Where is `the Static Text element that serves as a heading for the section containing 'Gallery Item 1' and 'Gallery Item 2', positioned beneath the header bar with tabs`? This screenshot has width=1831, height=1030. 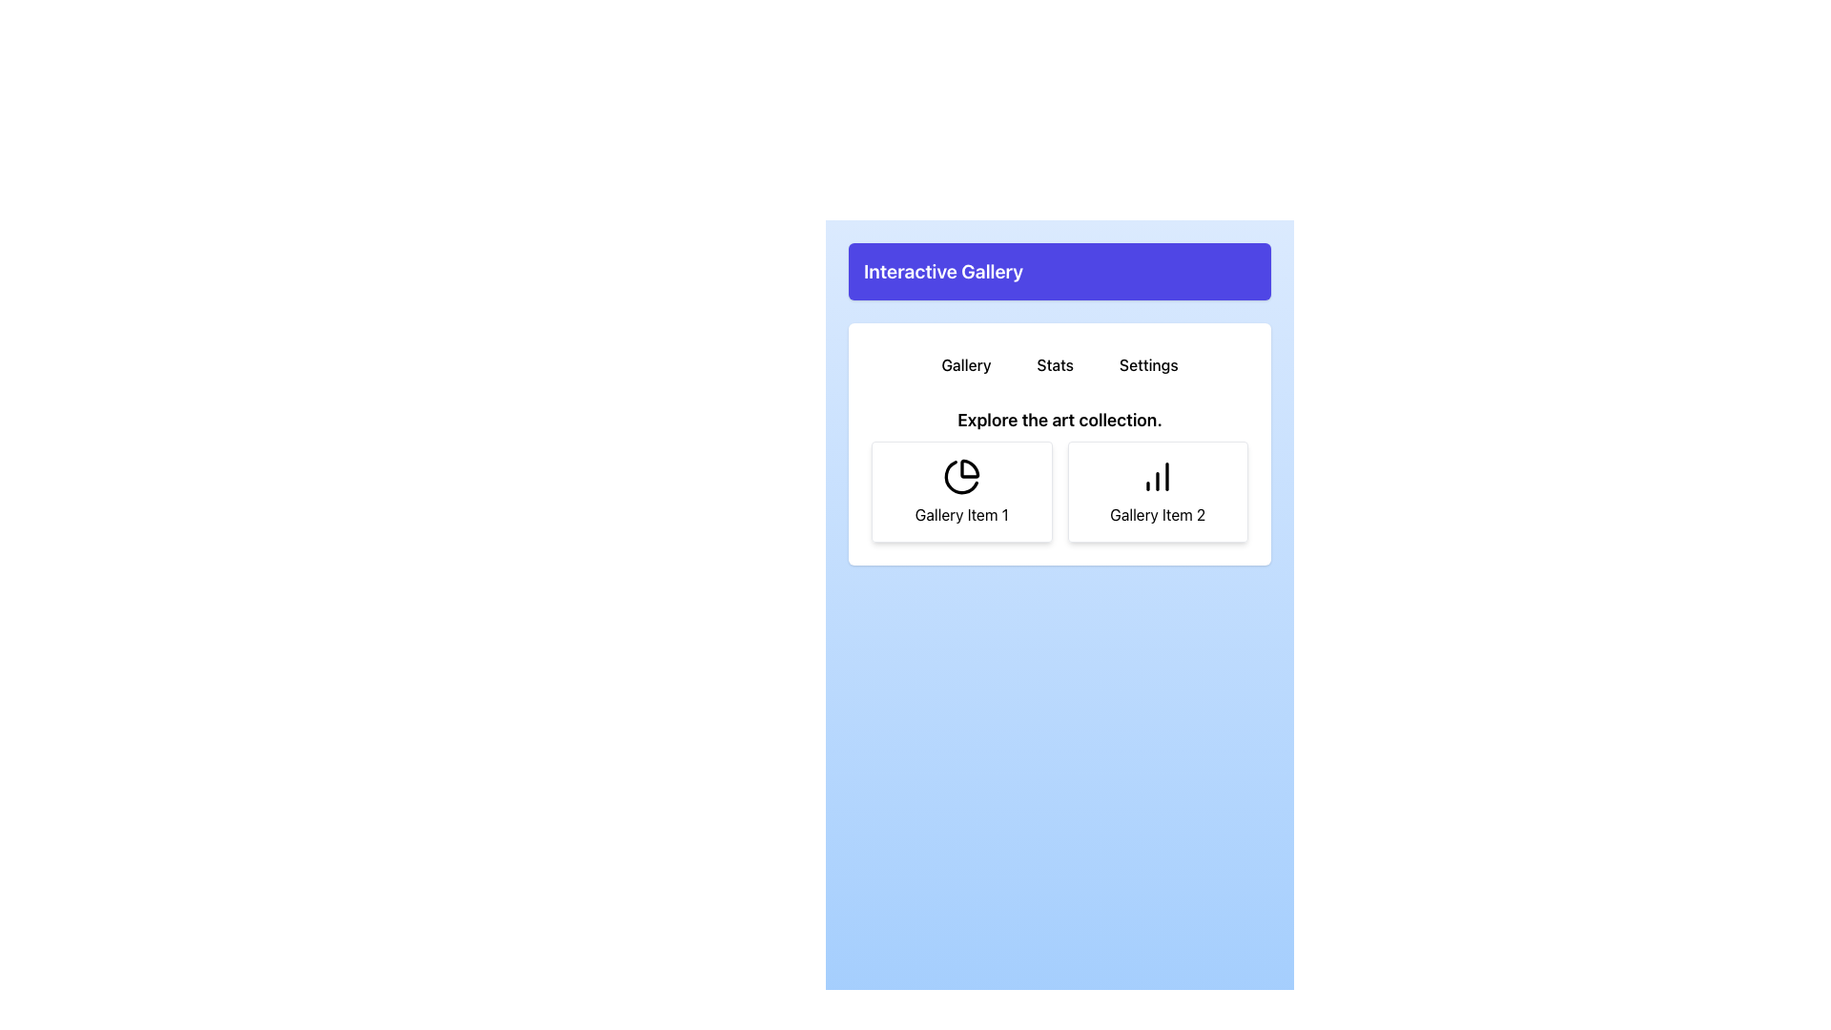 the Static Text element that serves as a heading for the section containing 'Gallery Item 1' and 'Gallery Item 2', positioned beneath the header bar with tabs is located at coordinates (1059, 419).